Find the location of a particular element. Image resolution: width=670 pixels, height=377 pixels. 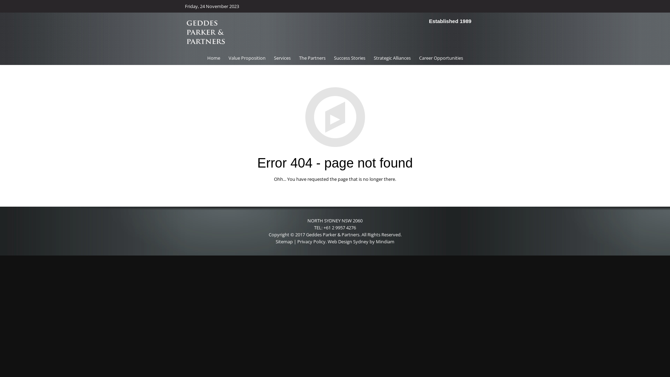

'Sitemap' is located at coordinates (284, 241).